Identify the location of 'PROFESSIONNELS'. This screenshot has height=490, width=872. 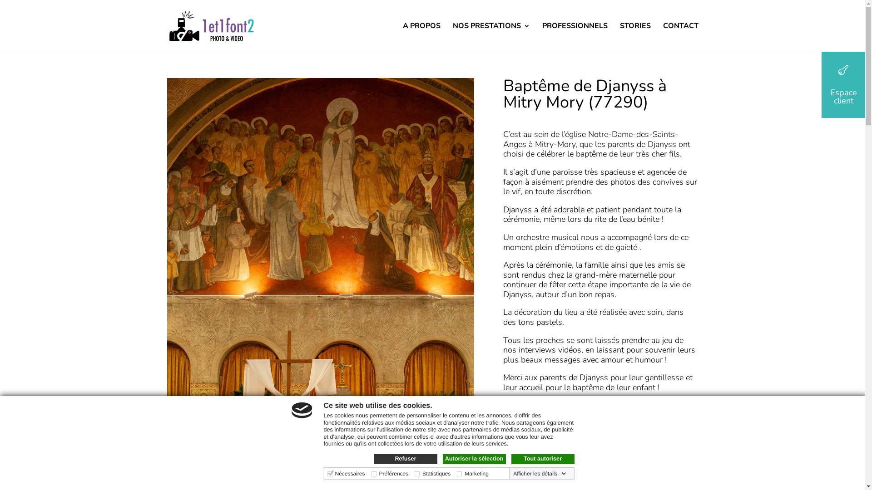
(575, 36).